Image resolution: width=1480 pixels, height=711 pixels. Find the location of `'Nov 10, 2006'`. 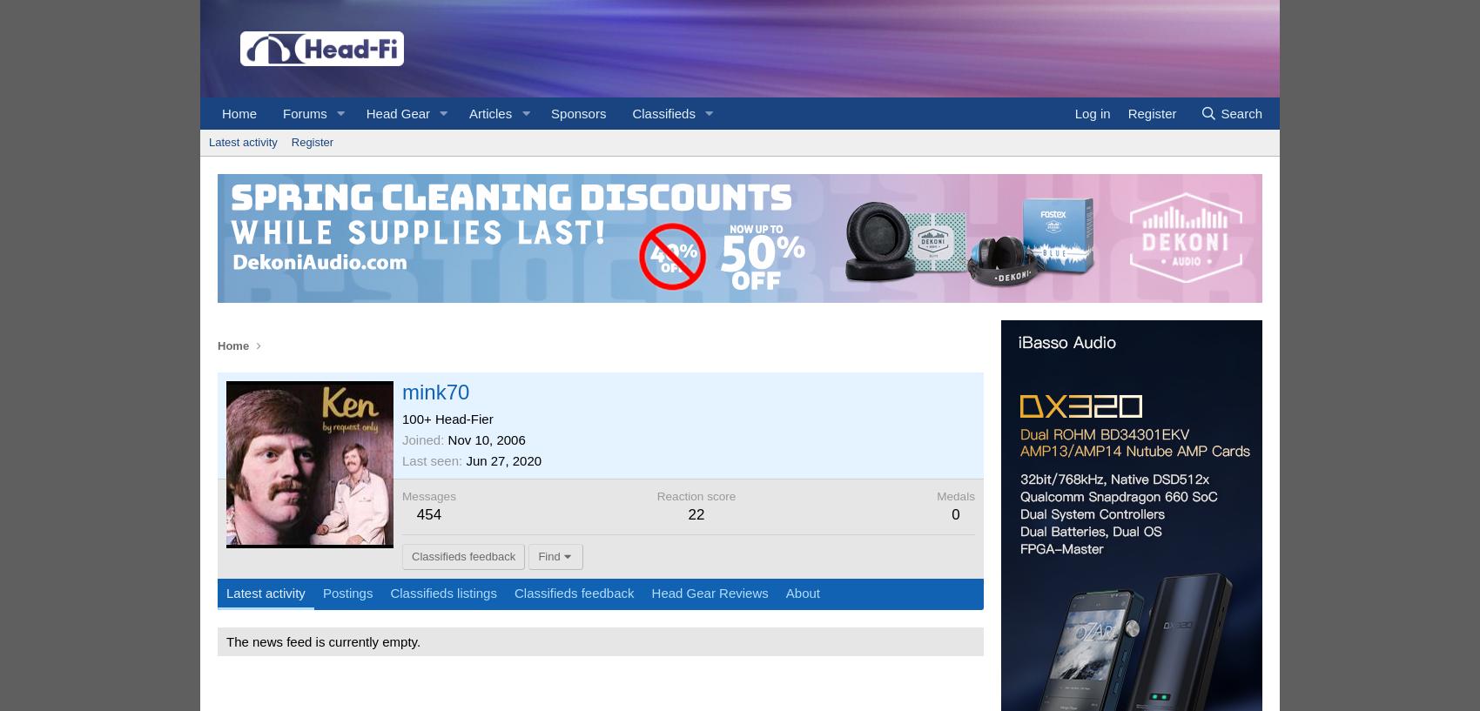

'Nov 10, 2006' is located at coordinates (485, 438).